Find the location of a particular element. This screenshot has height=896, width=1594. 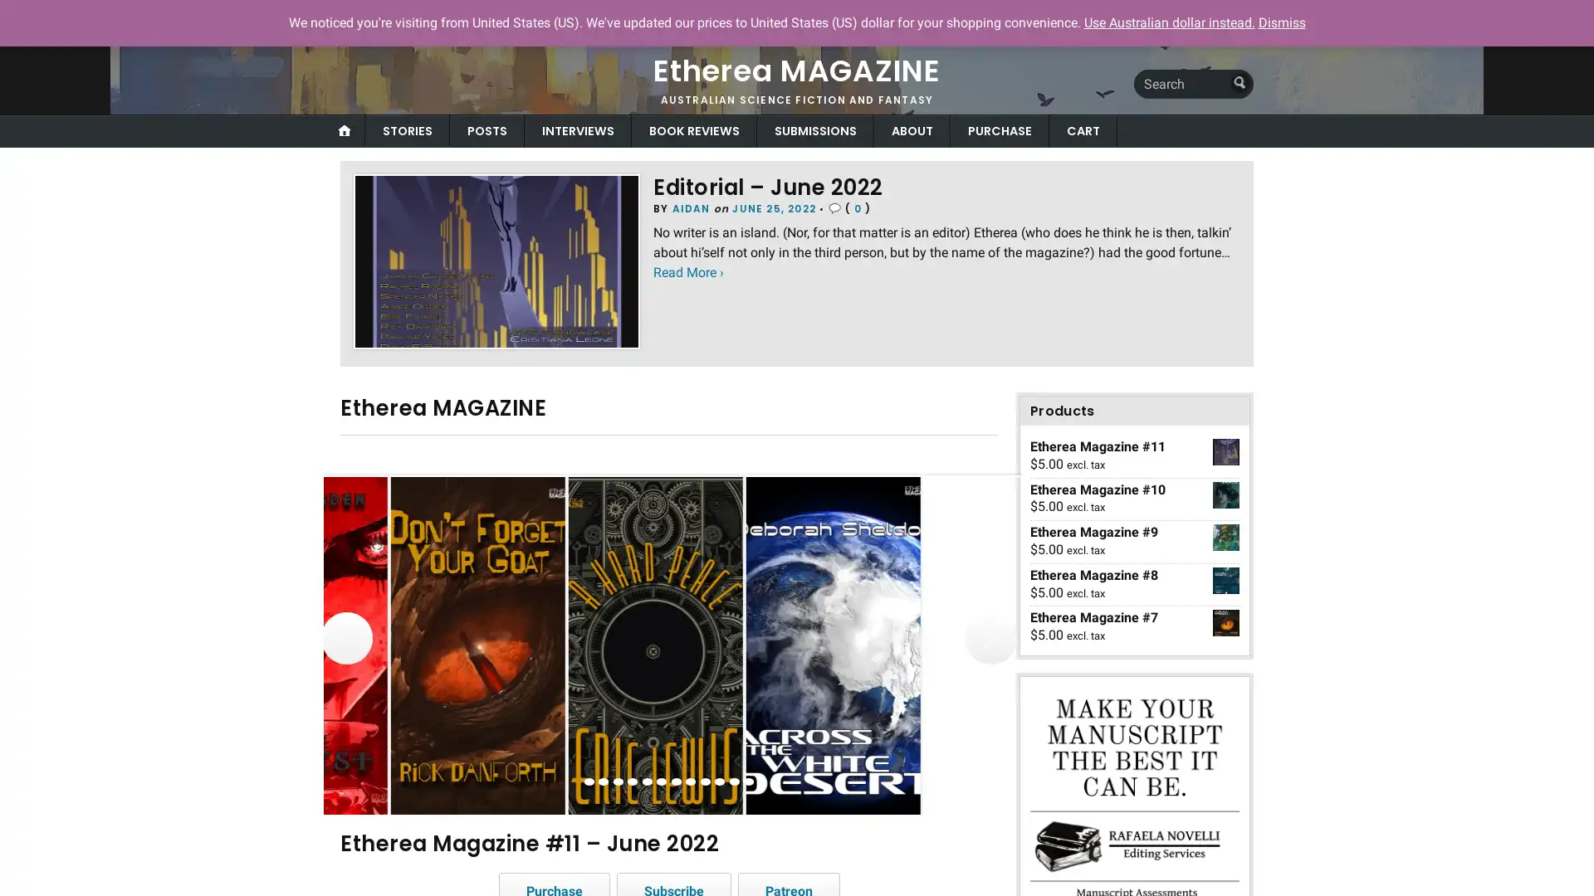

view image 8 of 12 in carousel is located at coordinates (690, 781).